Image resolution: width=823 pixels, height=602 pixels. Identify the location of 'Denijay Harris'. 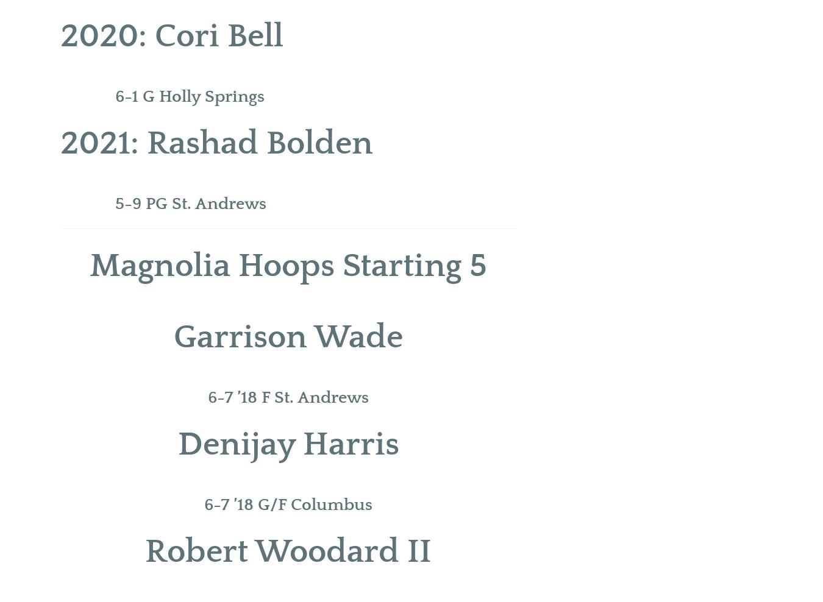
(287, 444).